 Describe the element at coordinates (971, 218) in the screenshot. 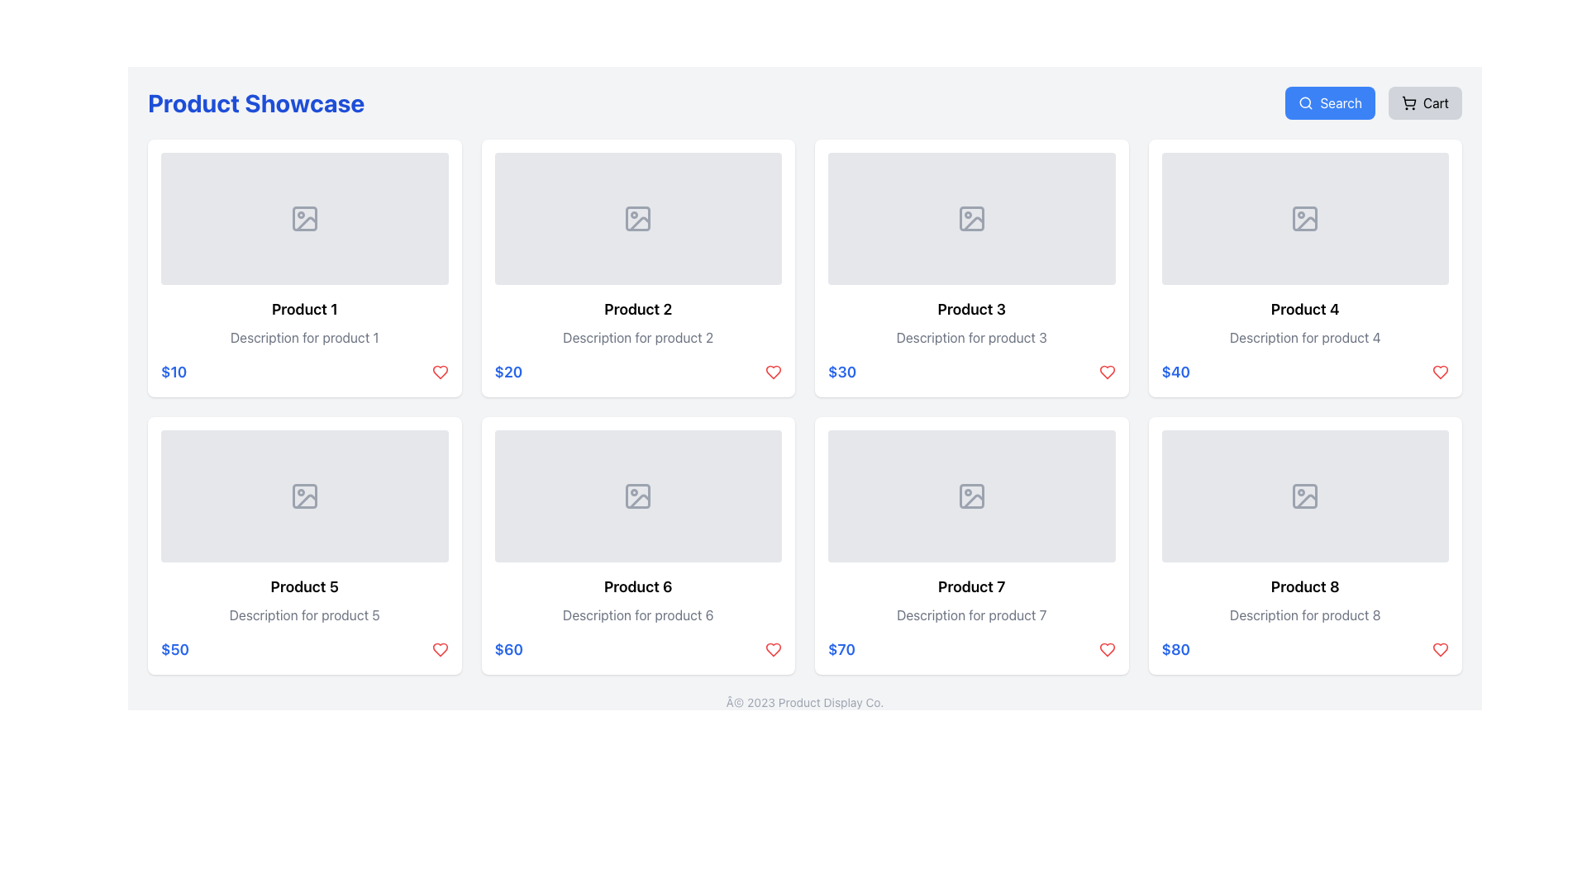

I see `the image placeholder icon for 'Product 3' located in the first row and third column of the product grid` at that location.